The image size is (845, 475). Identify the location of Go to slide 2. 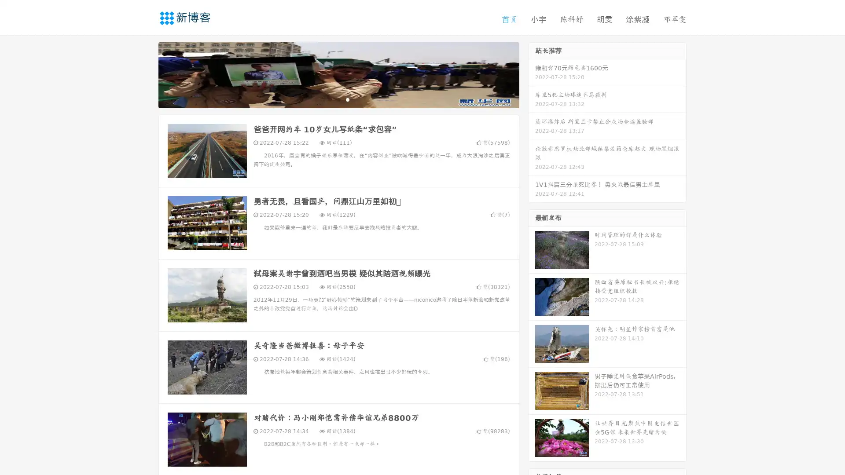
(338, 99).